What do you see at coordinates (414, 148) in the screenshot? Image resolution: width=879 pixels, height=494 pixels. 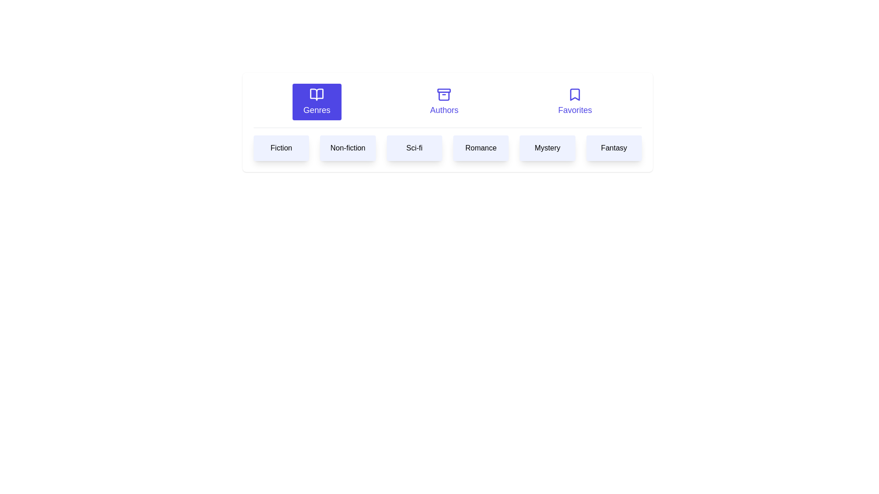 I see `the genre tile labeled Sci-fi` at bounding box center [414, 148].